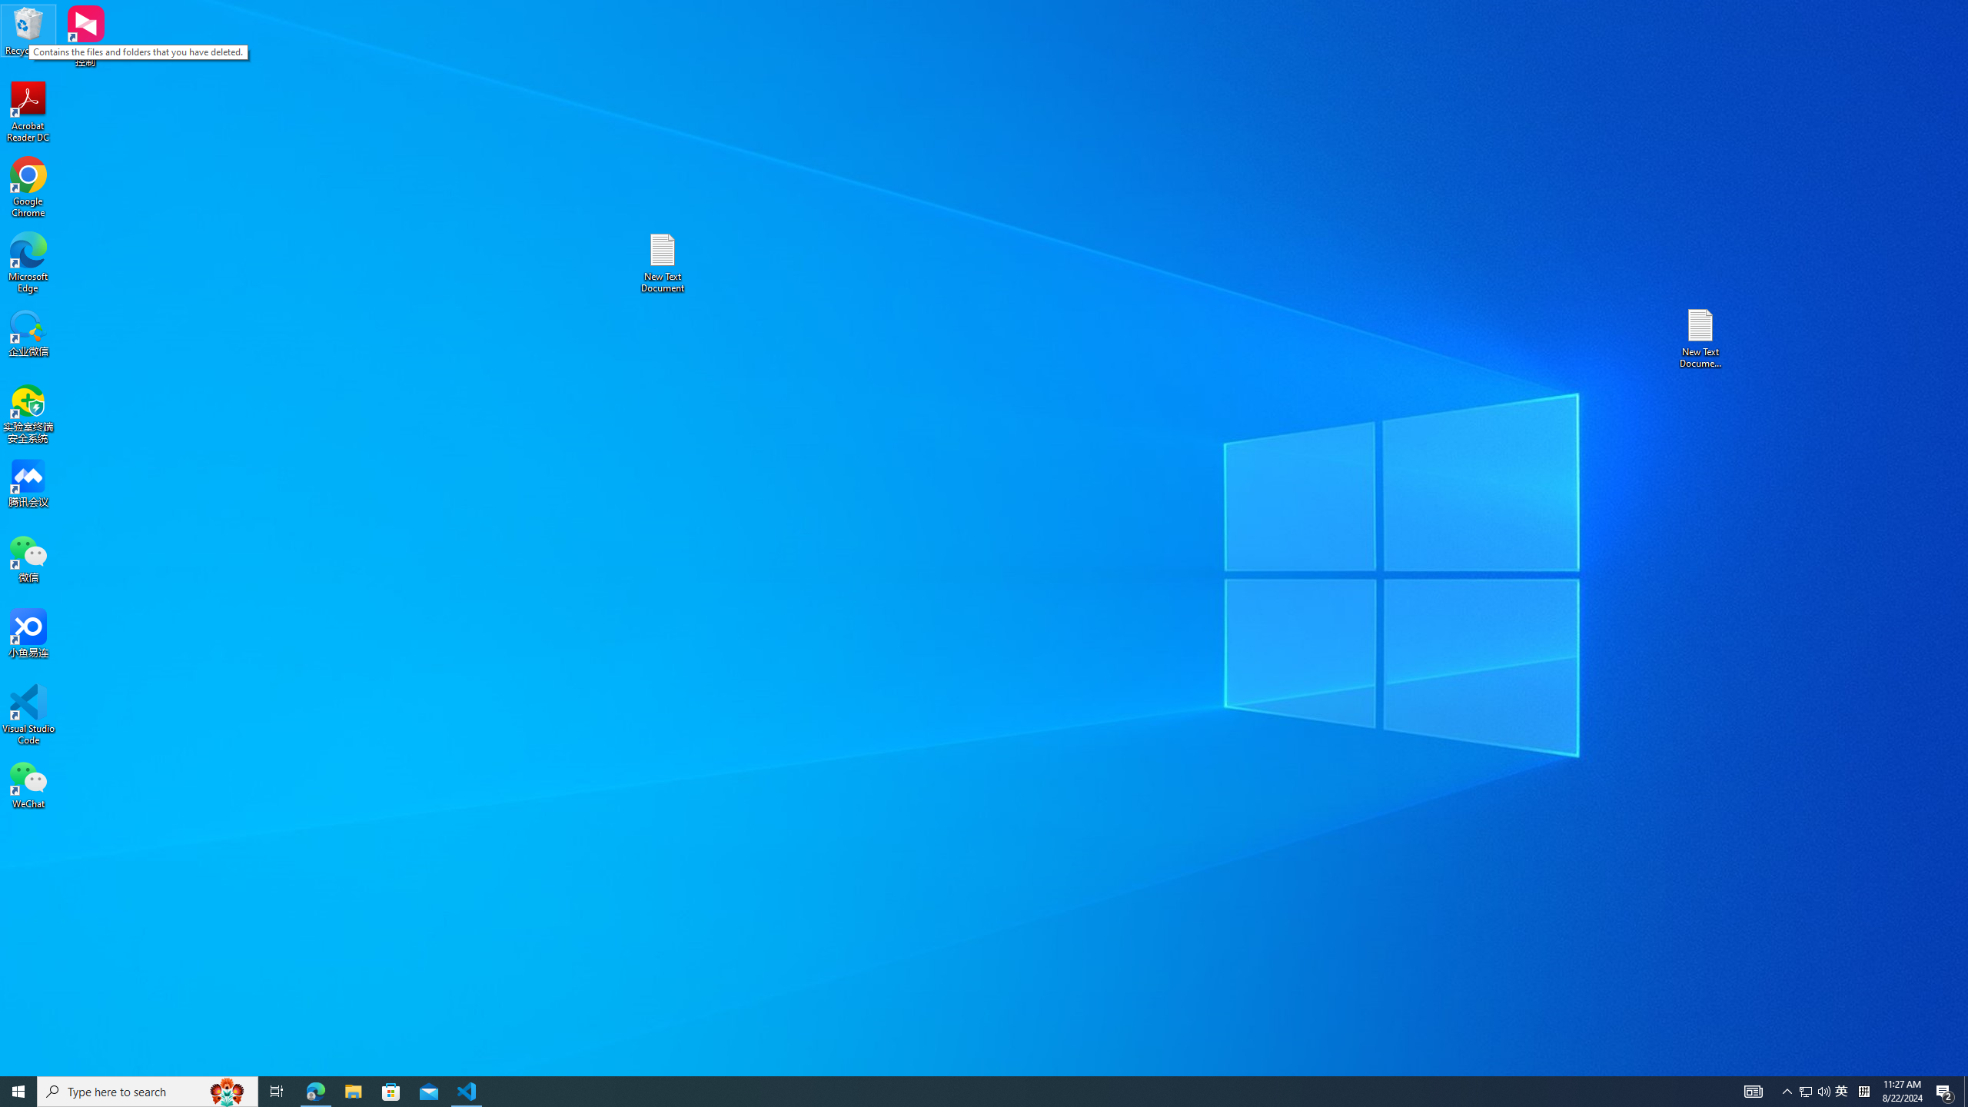 Image resolution: width=1968 pixels, height=1107 pixels. Describe the element at coordinates (28, 29) in the screenshot. I see `'Recycle Bin'` at that location.